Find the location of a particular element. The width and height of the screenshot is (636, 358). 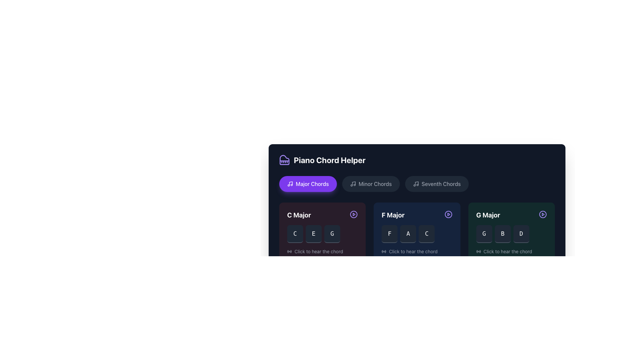

the interactive text labeled 'Click to hear the chord', which is styled in gray and located below the letters 'C', 'E', and 'G' in the 'C Major' chord box is located at coordinates (322, 252).